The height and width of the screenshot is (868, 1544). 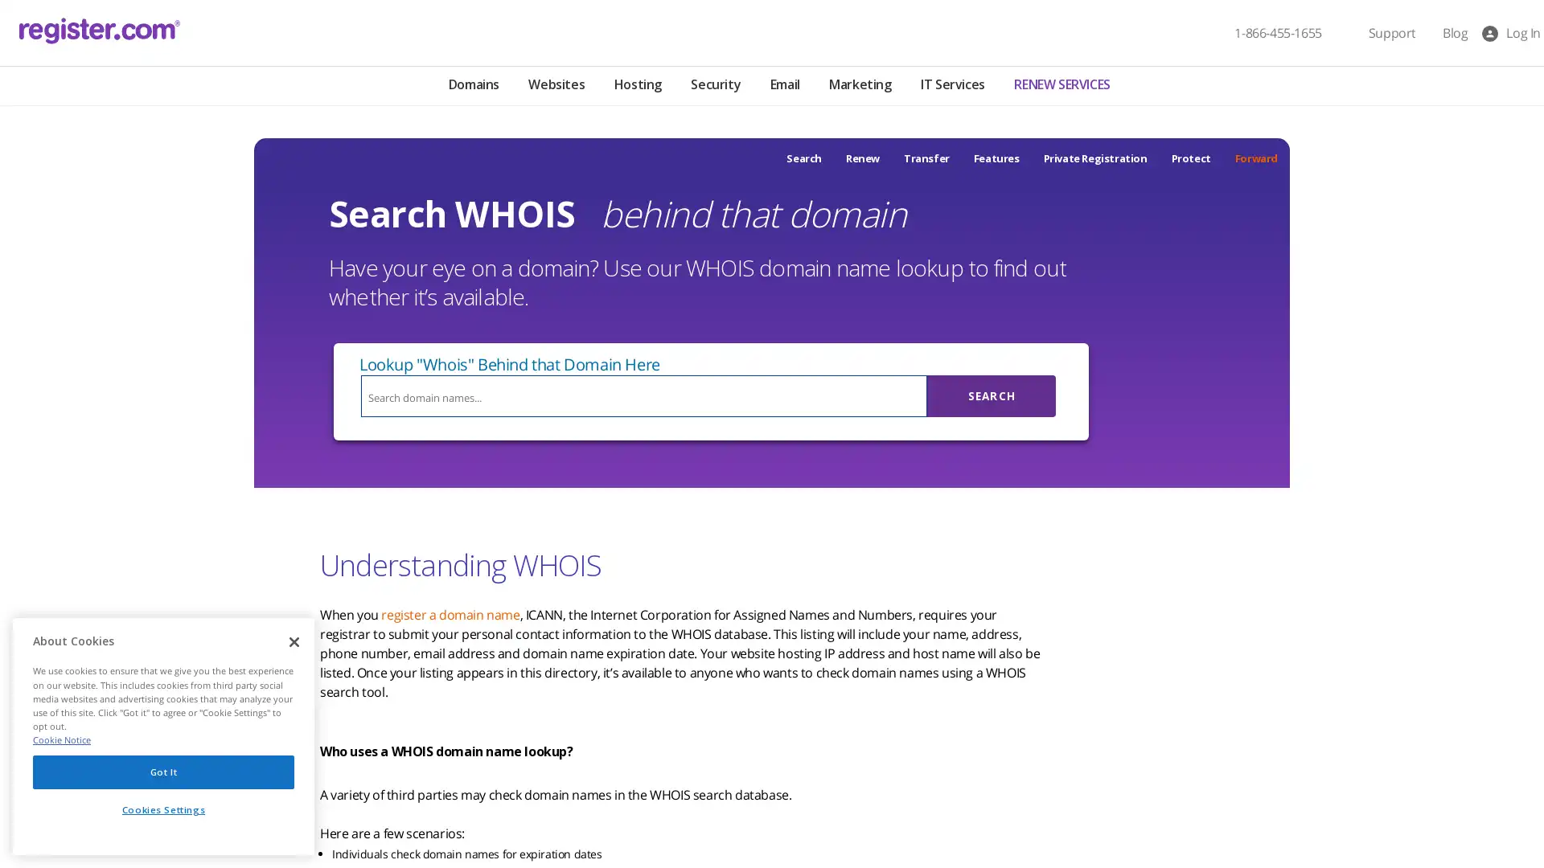 What do you see at coordinates (163, 814) in the screenshot?
I see `Cookies Settings` at bounding box center [163, 814].